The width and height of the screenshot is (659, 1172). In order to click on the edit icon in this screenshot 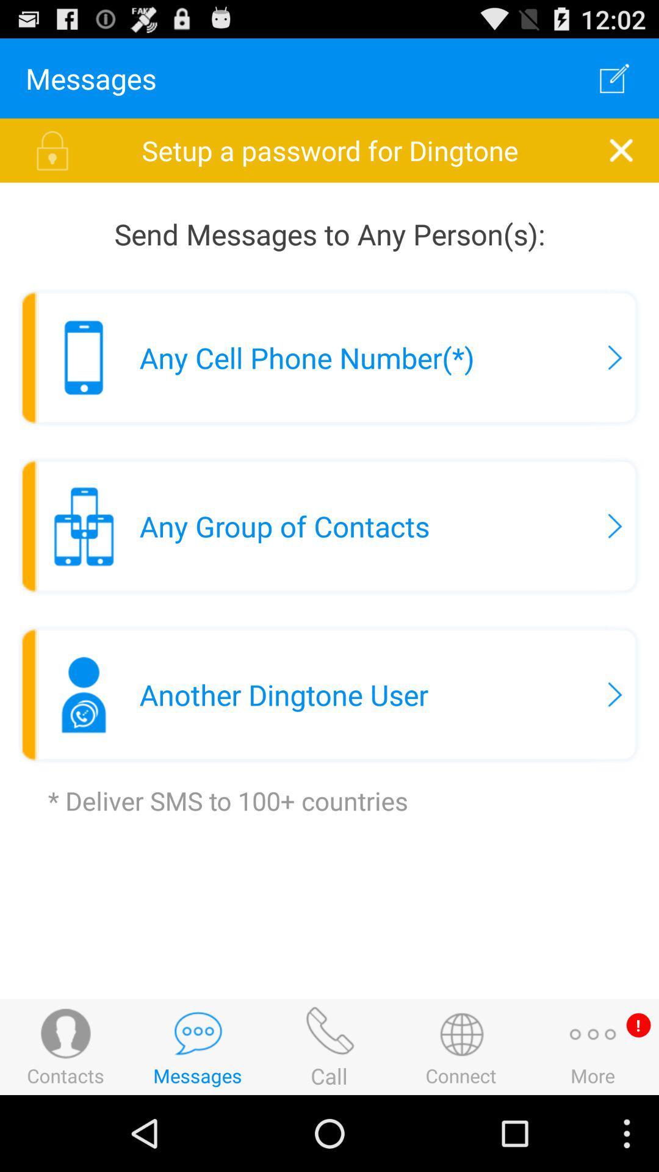, I will do `click(614, 83)`.